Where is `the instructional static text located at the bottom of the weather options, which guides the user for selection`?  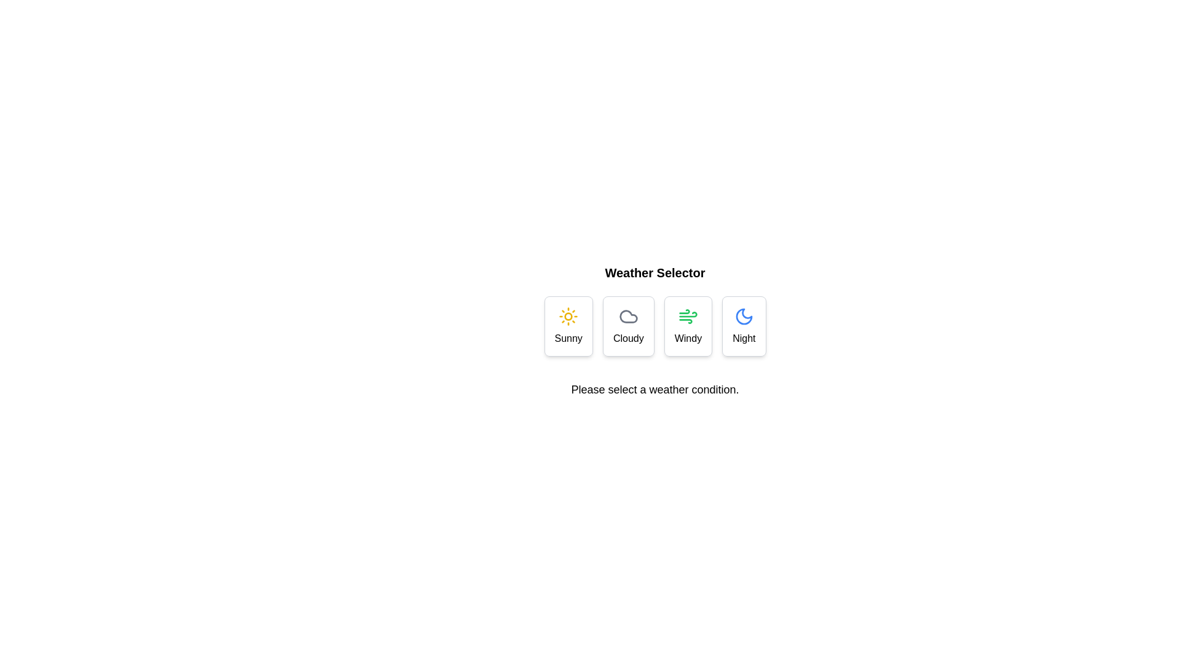 the instructional static text located at the bottom of the weather options, which guides the user for selection is located at coordinates (654, 389).